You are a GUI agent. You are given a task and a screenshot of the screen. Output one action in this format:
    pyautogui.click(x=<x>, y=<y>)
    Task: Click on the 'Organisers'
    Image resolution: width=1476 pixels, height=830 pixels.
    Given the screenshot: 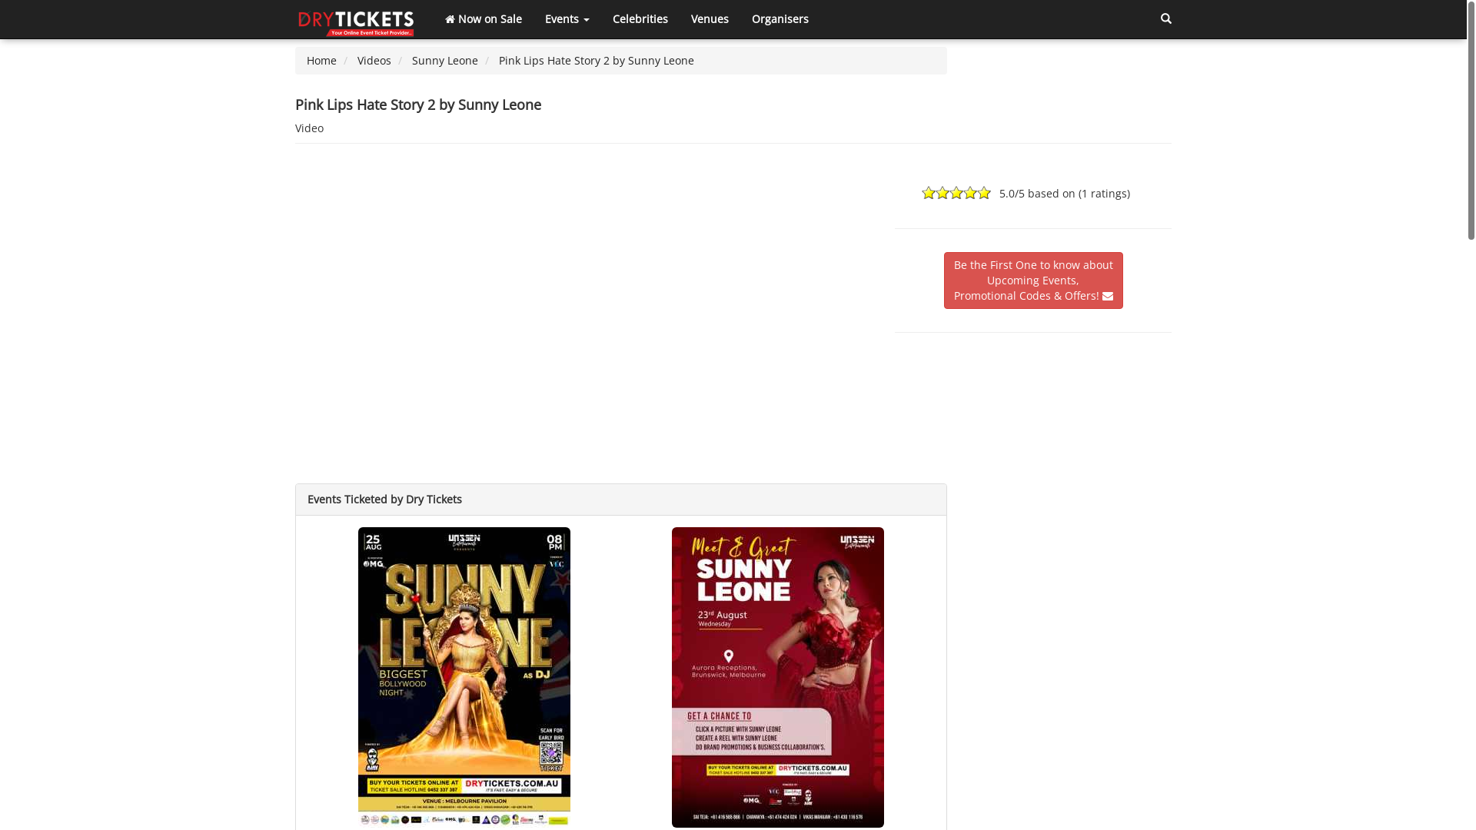 What is the action you would take?
    pyautogui.click(x=780, y=18)
    